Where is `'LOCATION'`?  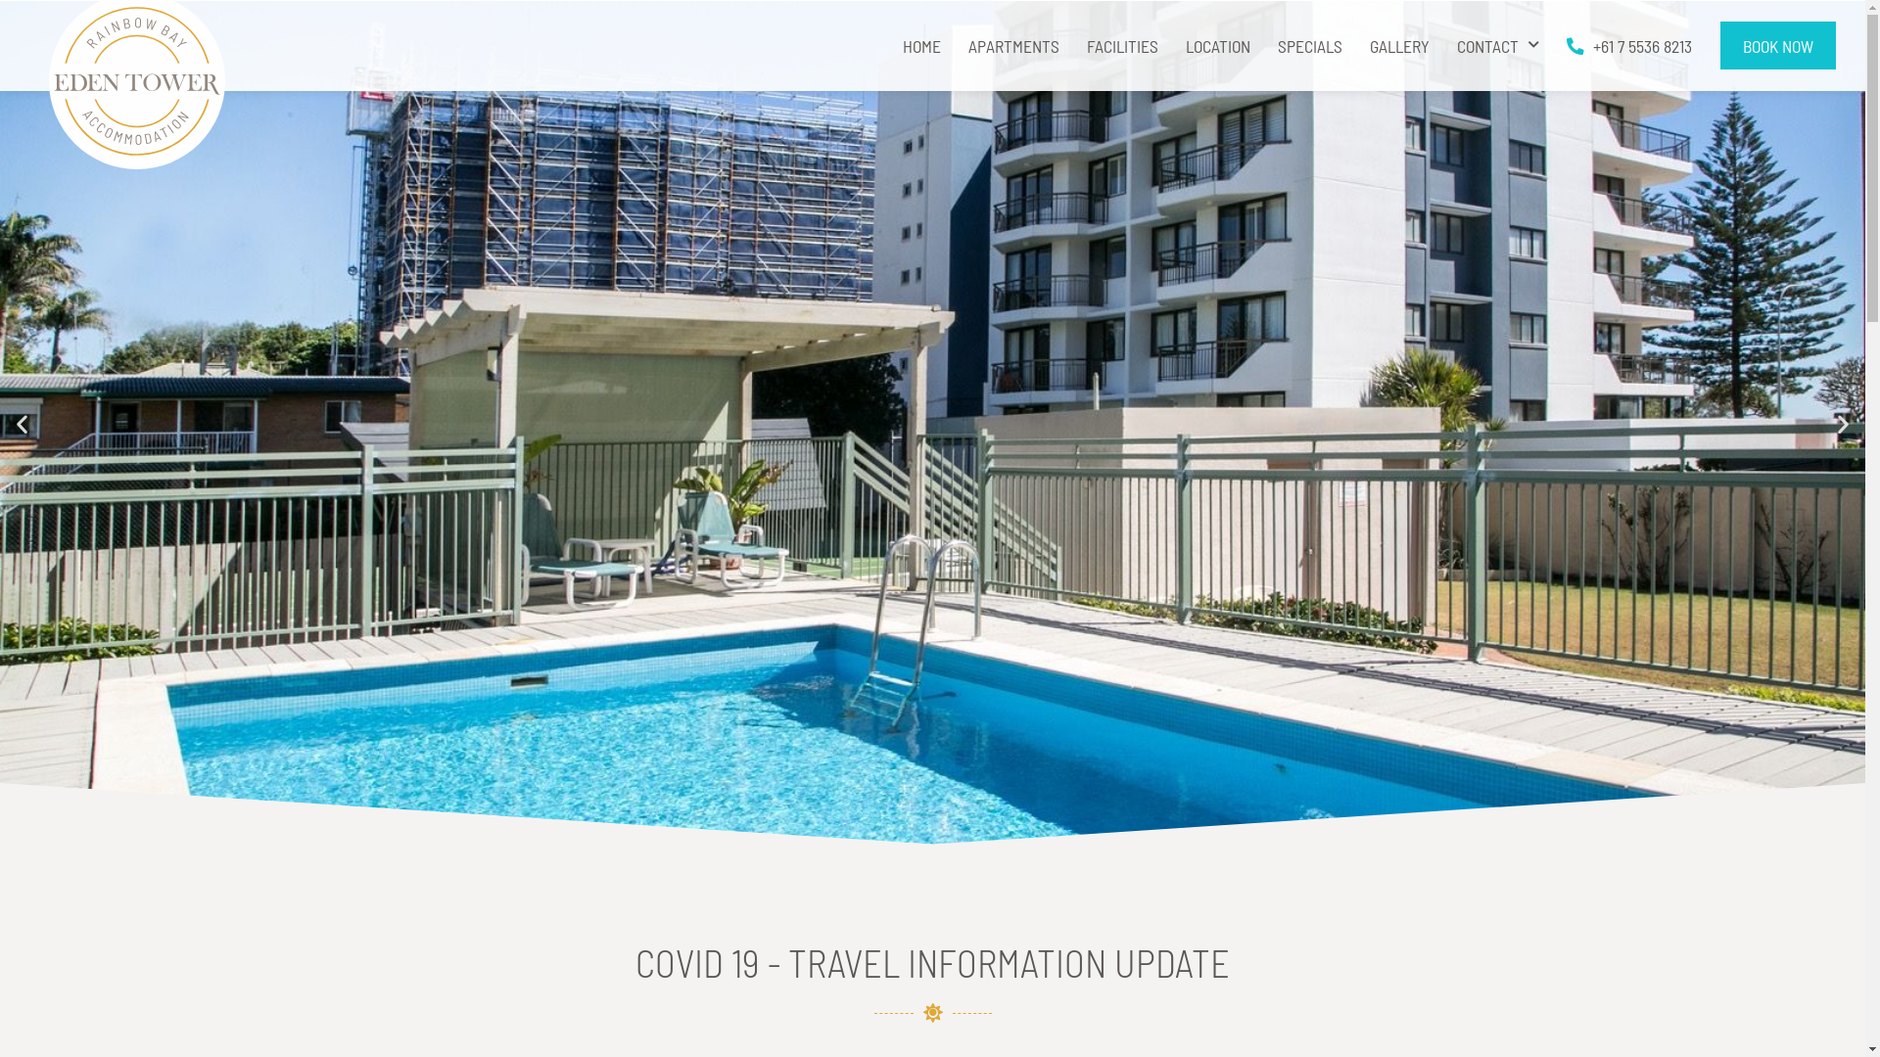
'LOCATION' is located at coordinates (1216, 44).